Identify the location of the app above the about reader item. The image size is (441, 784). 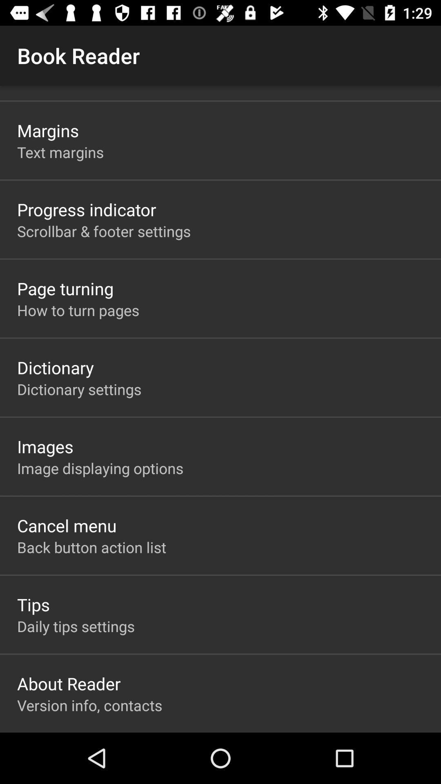
(76, 626).